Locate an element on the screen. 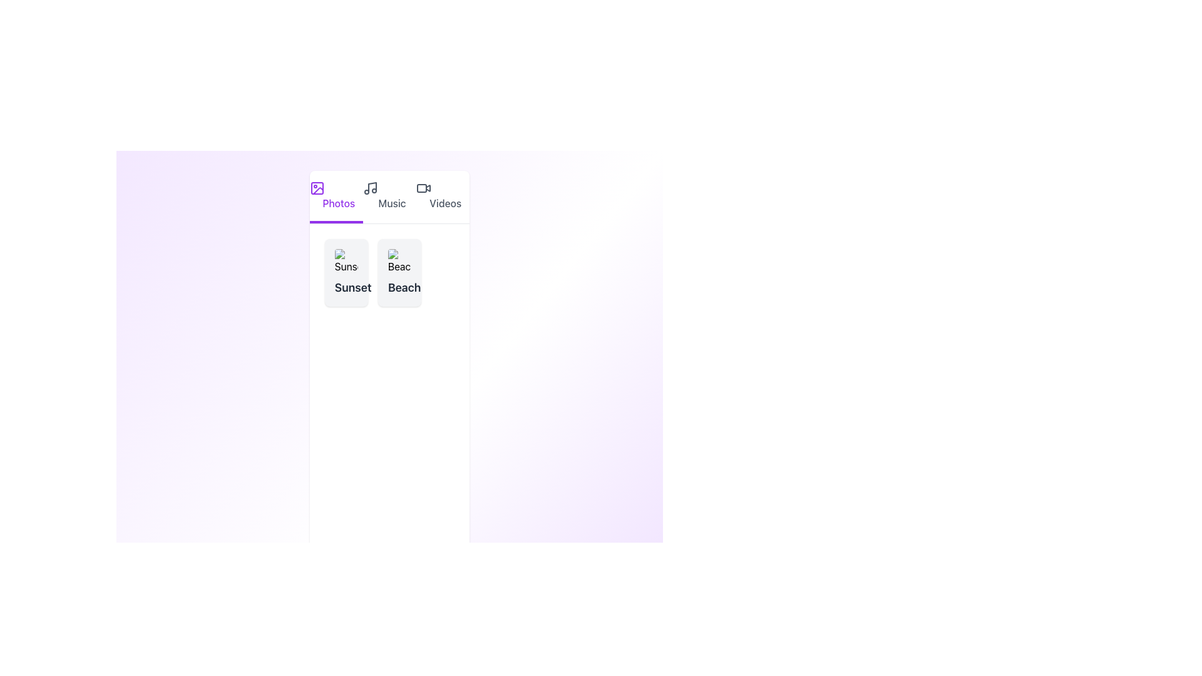 This screenshot has width=1202, height=676. the 'Music' tab icon, which is located in the center of the horizontal tab navigation bar, between the 'Photos' and 'Videos' tabs is located at coordinates (369, 188).